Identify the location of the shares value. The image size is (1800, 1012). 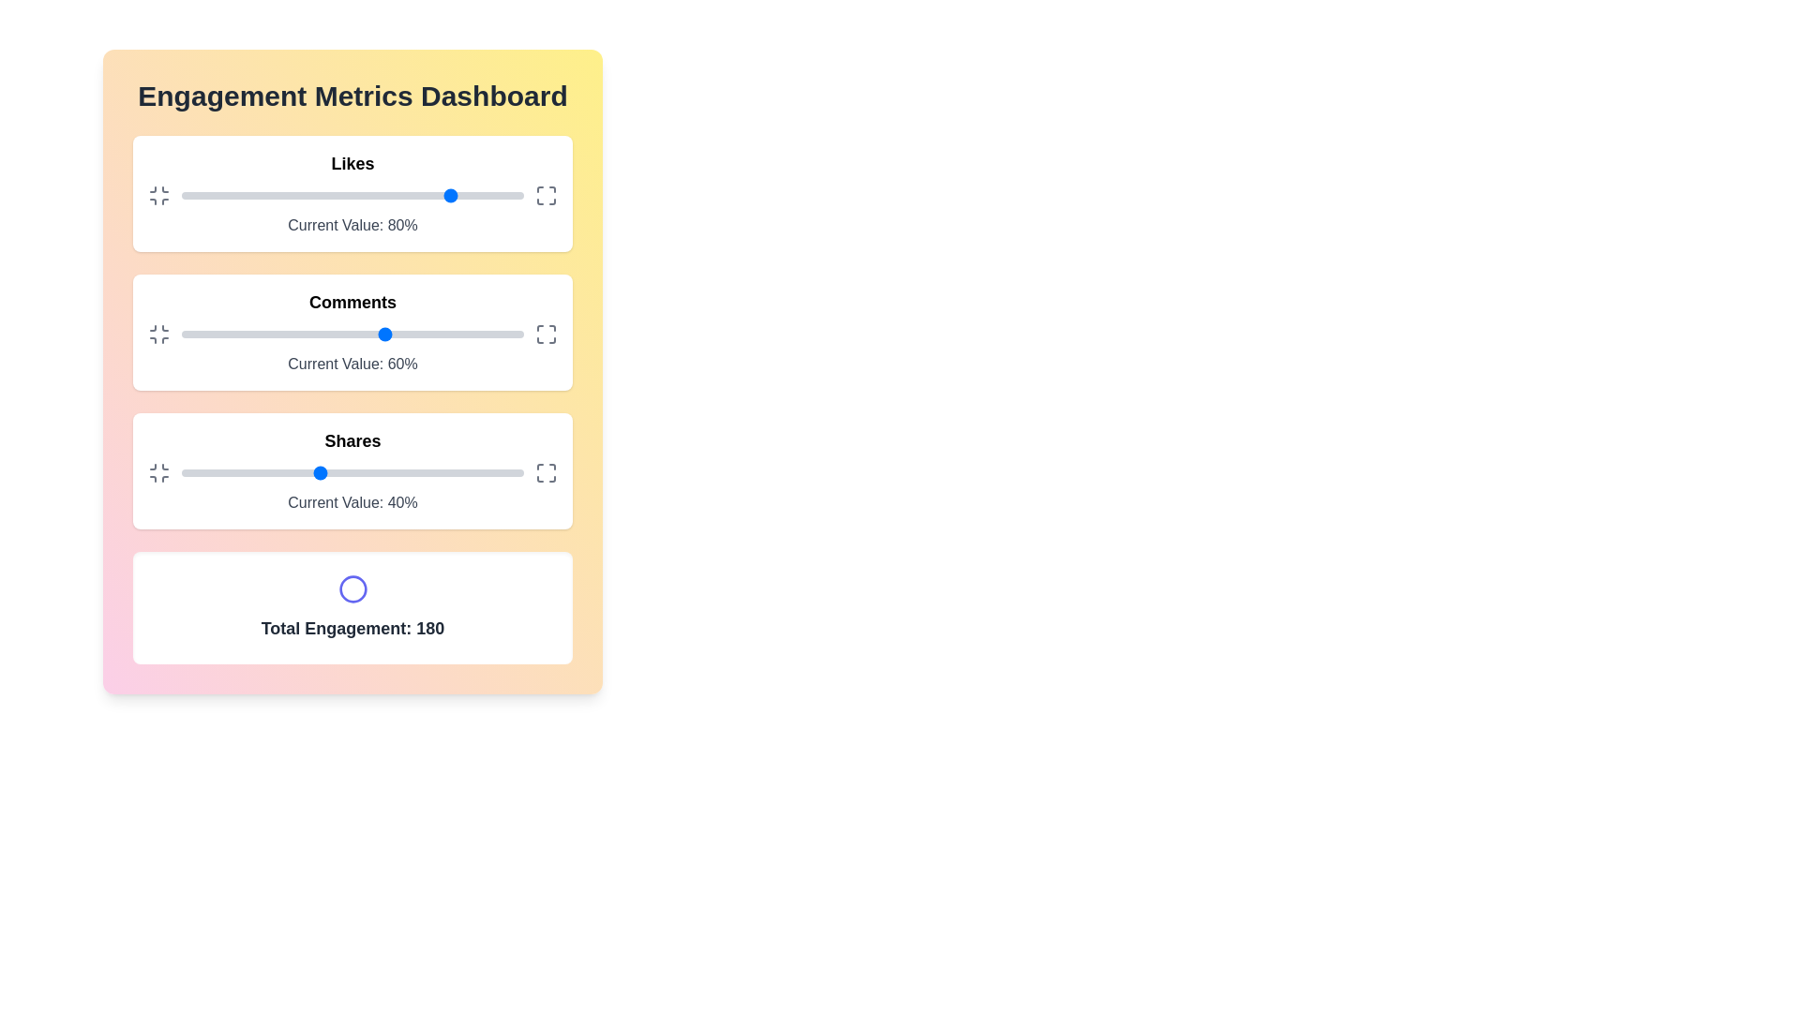
(260, 472).